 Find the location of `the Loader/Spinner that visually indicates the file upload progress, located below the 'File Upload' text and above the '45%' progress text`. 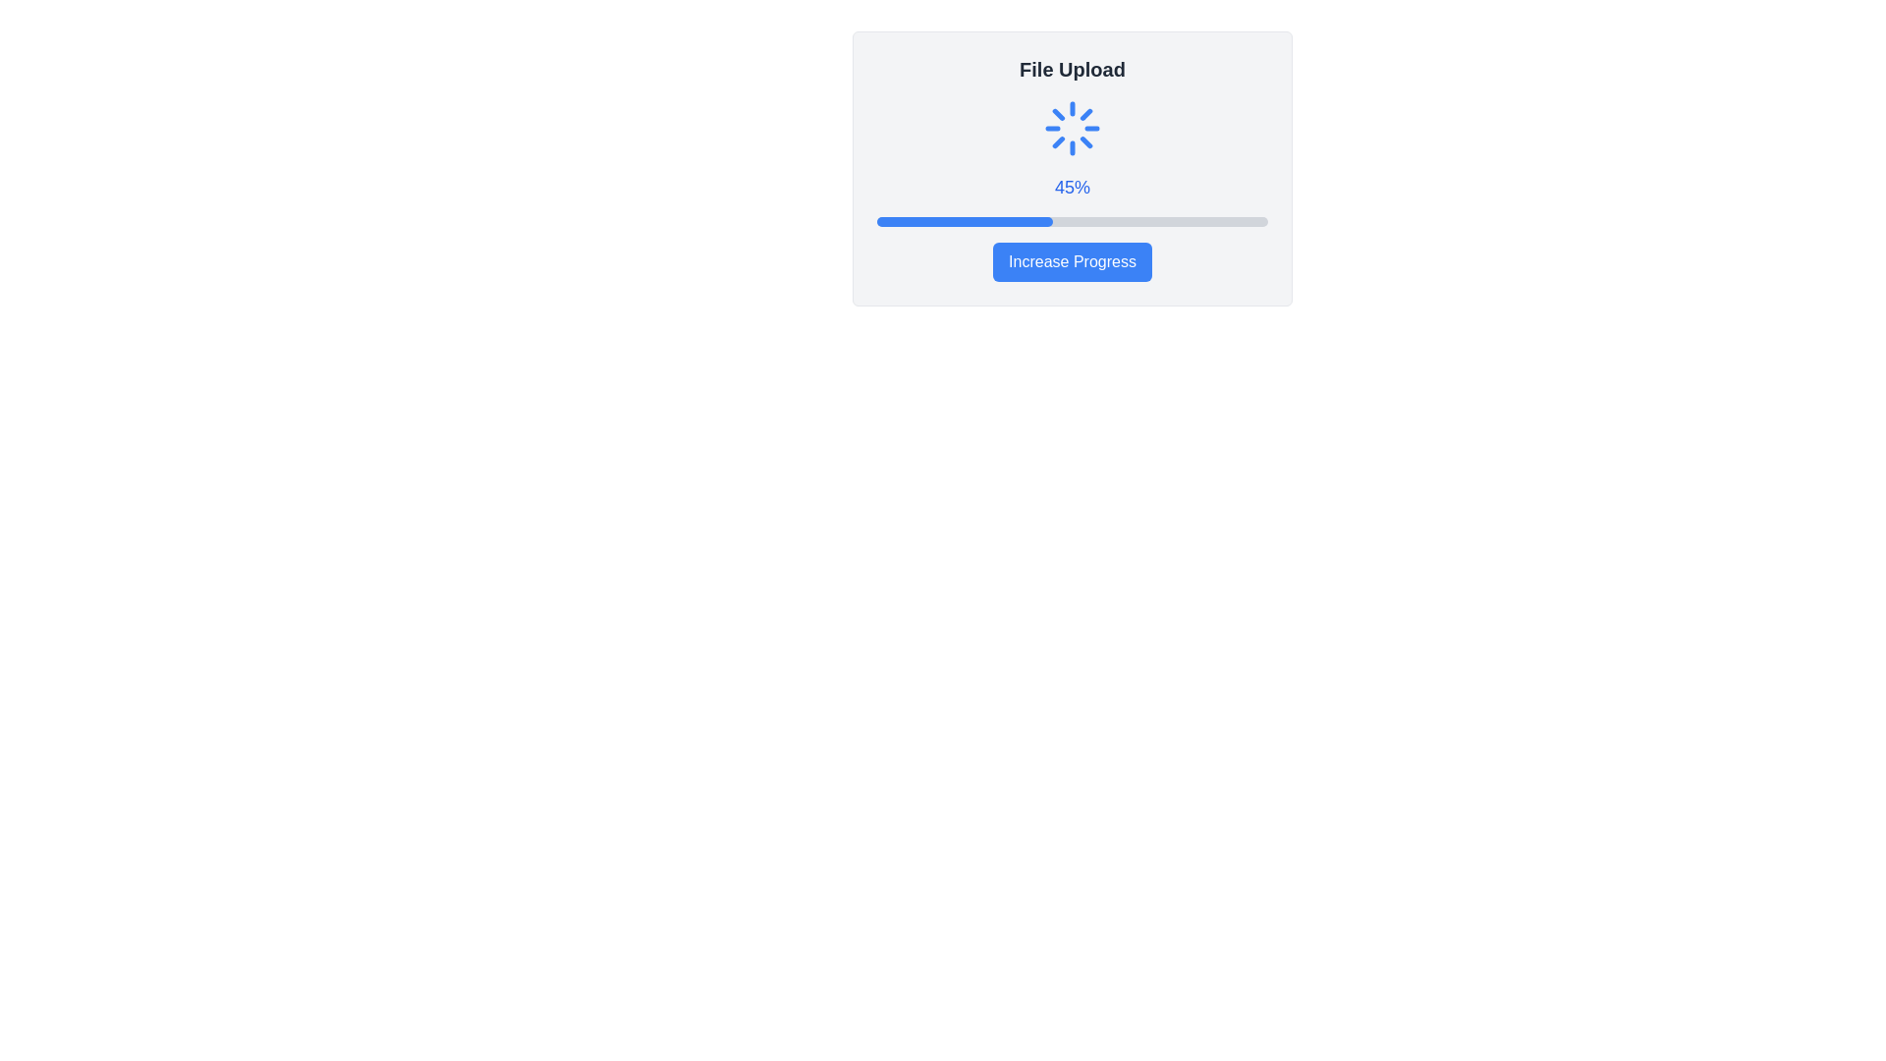

the Loader/Spinner that visually indicates the file upload progress, located below the 'File Upload' text and above the '45%' progress text is located at coordinates (1071, 129).